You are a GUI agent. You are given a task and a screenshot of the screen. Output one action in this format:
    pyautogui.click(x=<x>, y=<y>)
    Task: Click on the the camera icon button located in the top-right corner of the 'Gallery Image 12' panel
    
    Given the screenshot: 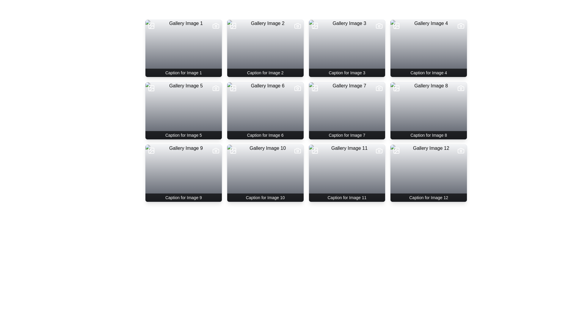 What is the action you would take?
    pyautogui.click(x=461, y=150)
    